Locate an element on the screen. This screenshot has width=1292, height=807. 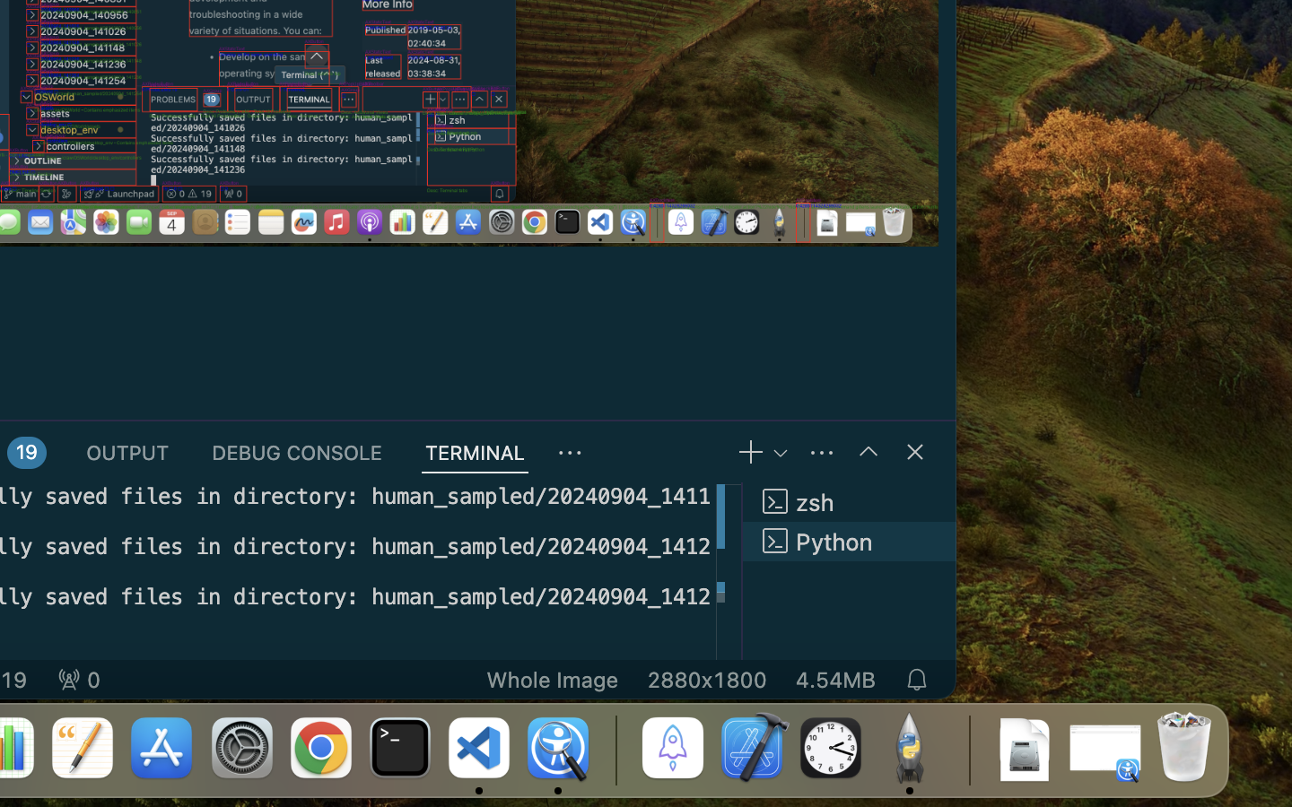
'0 OUTPUT' is located at coordinates (127, 451).